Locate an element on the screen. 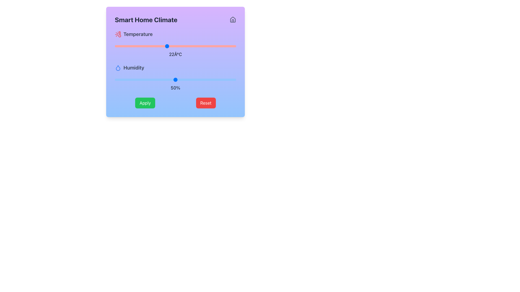 The image size is (520, 292). the green 'Apply' button is located at coordinates (145, 103).